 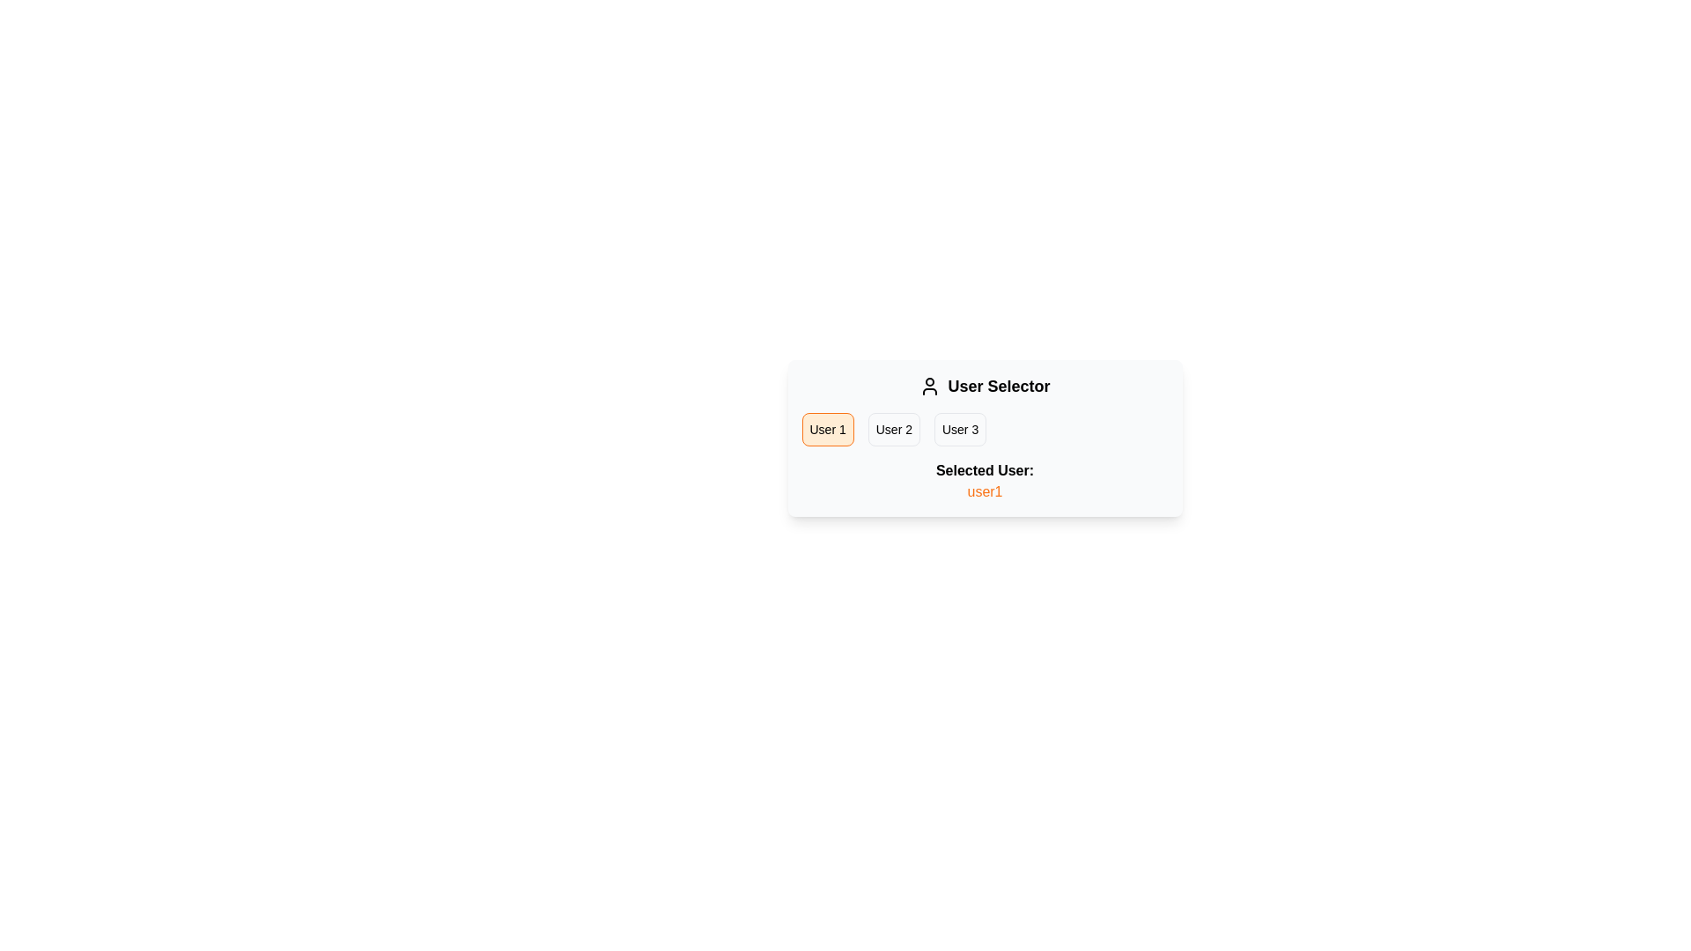 What do you see at coordinates (984, 386) in the screenshot?
I see `the label or heading that indicates the purpose of the section above the selectable user buttons and the 'Selected User:' text` at bounding box center [984, 386].